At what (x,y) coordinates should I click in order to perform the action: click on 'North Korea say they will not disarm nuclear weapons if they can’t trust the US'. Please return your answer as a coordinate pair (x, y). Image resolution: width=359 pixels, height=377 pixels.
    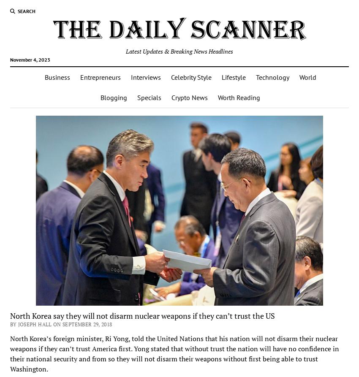
    Looking at the image, I should click on (142, 315).